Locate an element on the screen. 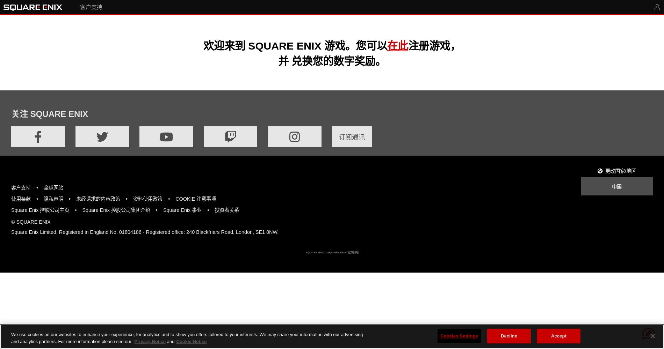 Image resolution: width=664 pixels, height=349 pixels. '© SQUARE ENIX' is located at coordinates (30, 222).